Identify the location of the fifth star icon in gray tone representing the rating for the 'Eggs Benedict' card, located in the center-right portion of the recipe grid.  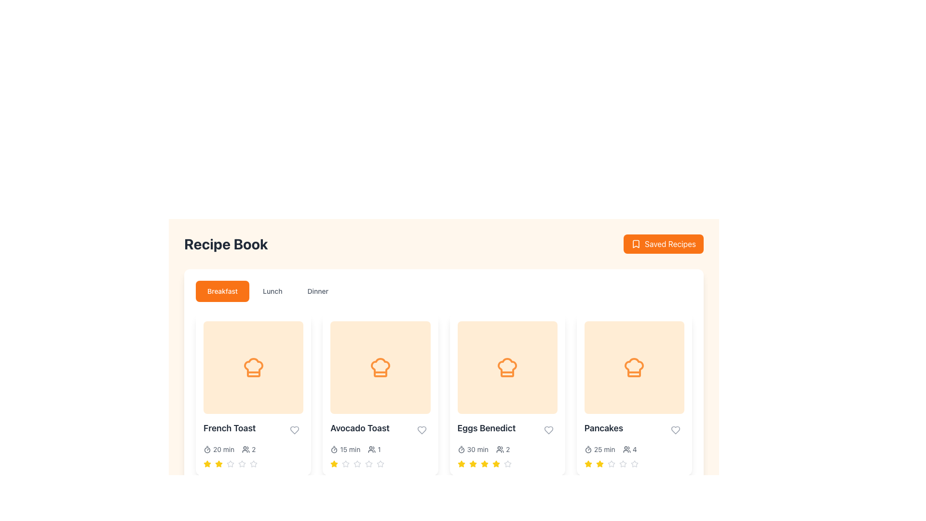
(507, 463).